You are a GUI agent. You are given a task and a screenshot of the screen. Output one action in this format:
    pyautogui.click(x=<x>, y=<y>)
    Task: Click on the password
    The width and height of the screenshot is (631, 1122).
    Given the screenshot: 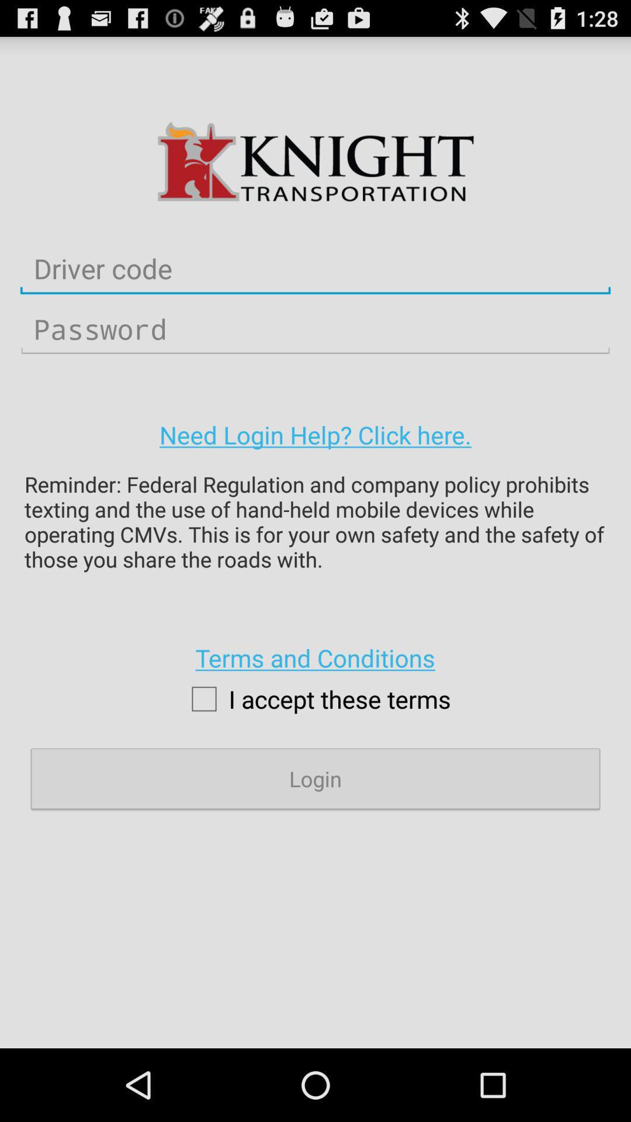 What is the action you would take?
    pyautogui.click(x=315, y=328)
    